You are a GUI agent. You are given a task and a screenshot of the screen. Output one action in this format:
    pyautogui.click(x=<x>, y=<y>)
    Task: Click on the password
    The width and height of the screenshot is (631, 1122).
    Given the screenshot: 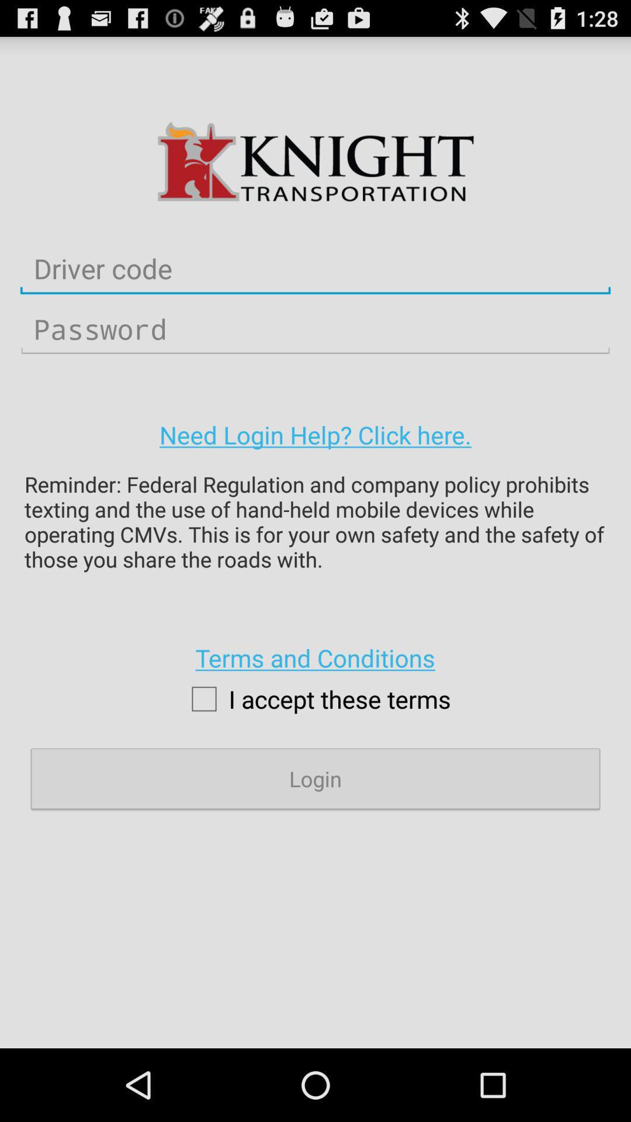 What is the action you would take?
    pyautogui.click(x=315, y=328)
    